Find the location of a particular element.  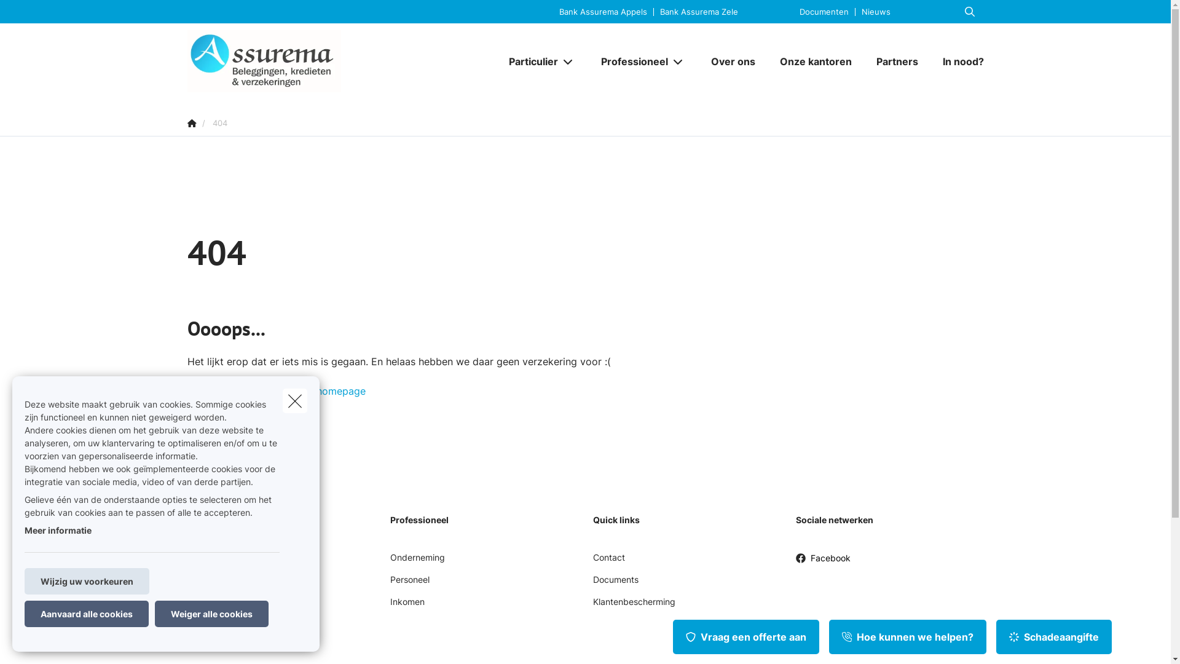

'Bank Assurema Zele' is located at coordinates (698, 11).